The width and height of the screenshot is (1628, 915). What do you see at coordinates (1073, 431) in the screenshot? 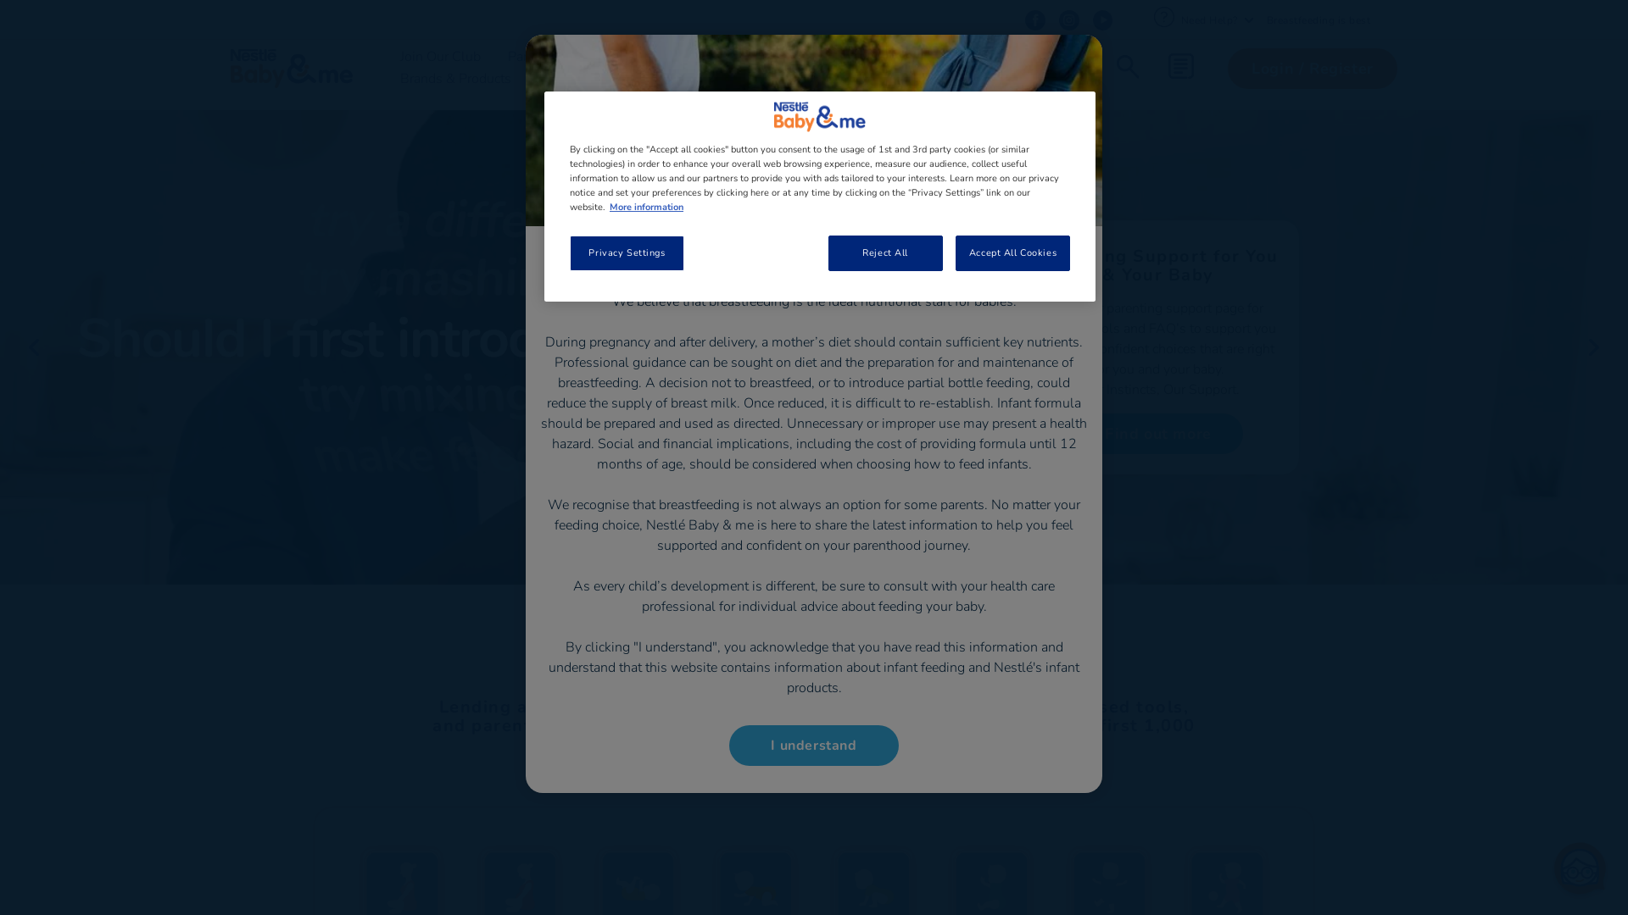
I see `'Take a spin'` at bounding box center [1073, 431].